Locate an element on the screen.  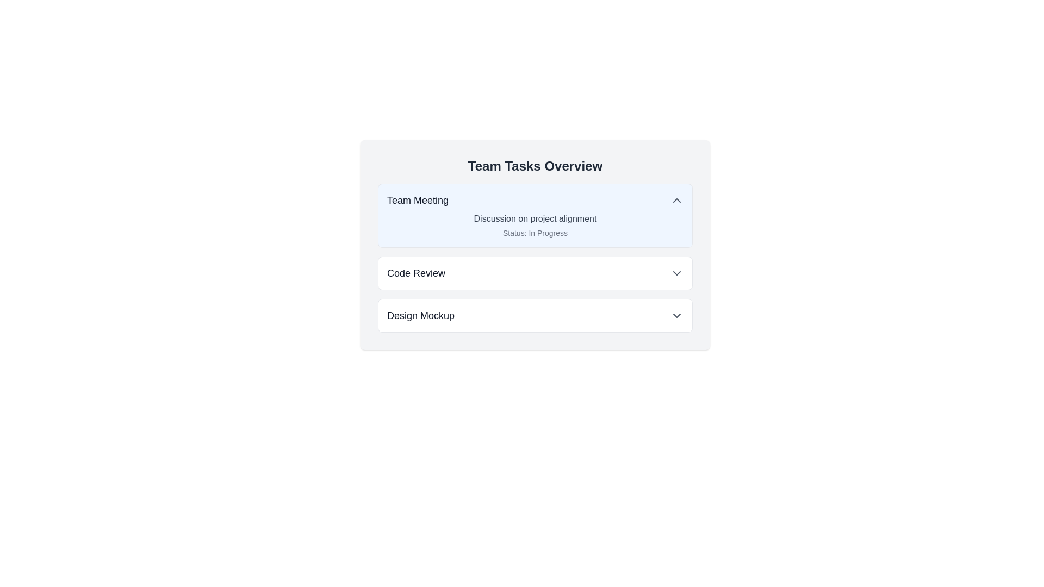
the 'Code Review' text label, which is bold and prominently displayed in a large dark font, located in the second section of the task overview panel, between the 'Team Meeting' and 'Design Mockup' sections is located at coordinates (415, 272).